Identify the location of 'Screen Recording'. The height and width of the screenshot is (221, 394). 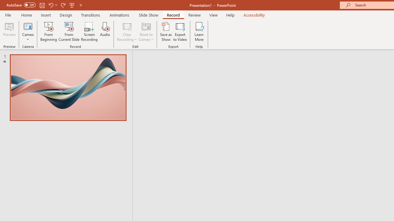
(89, 32).